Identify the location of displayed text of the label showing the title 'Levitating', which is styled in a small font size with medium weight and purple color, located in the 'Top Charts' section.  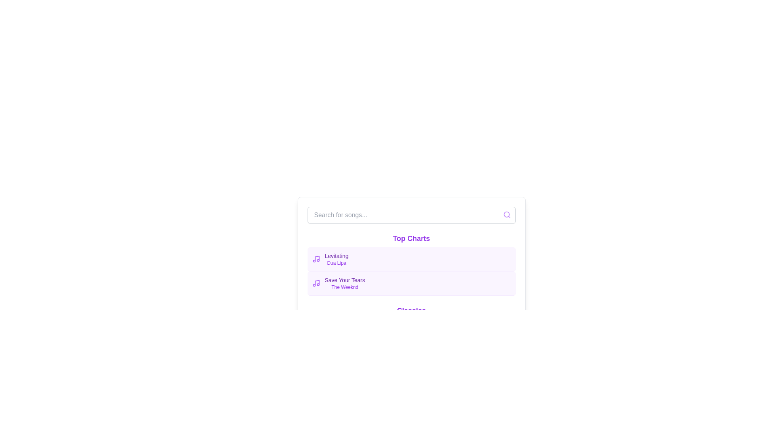
(336, 256).